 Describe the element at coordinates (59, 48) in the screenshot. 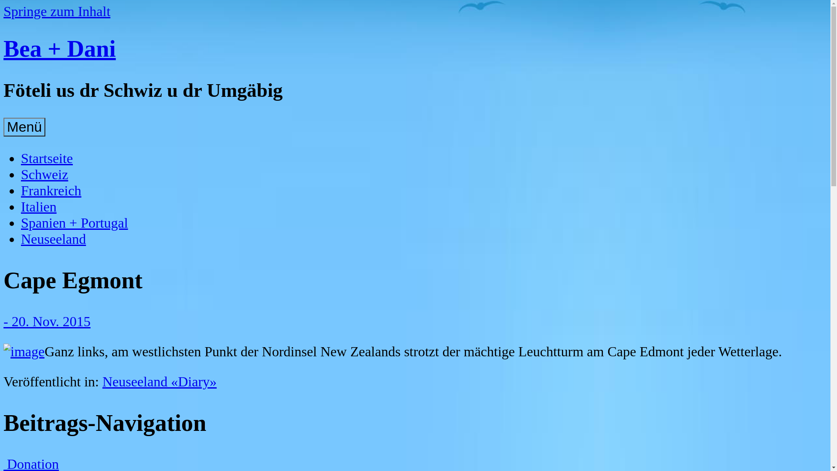

I see `'Bea + Dani'` at that location.